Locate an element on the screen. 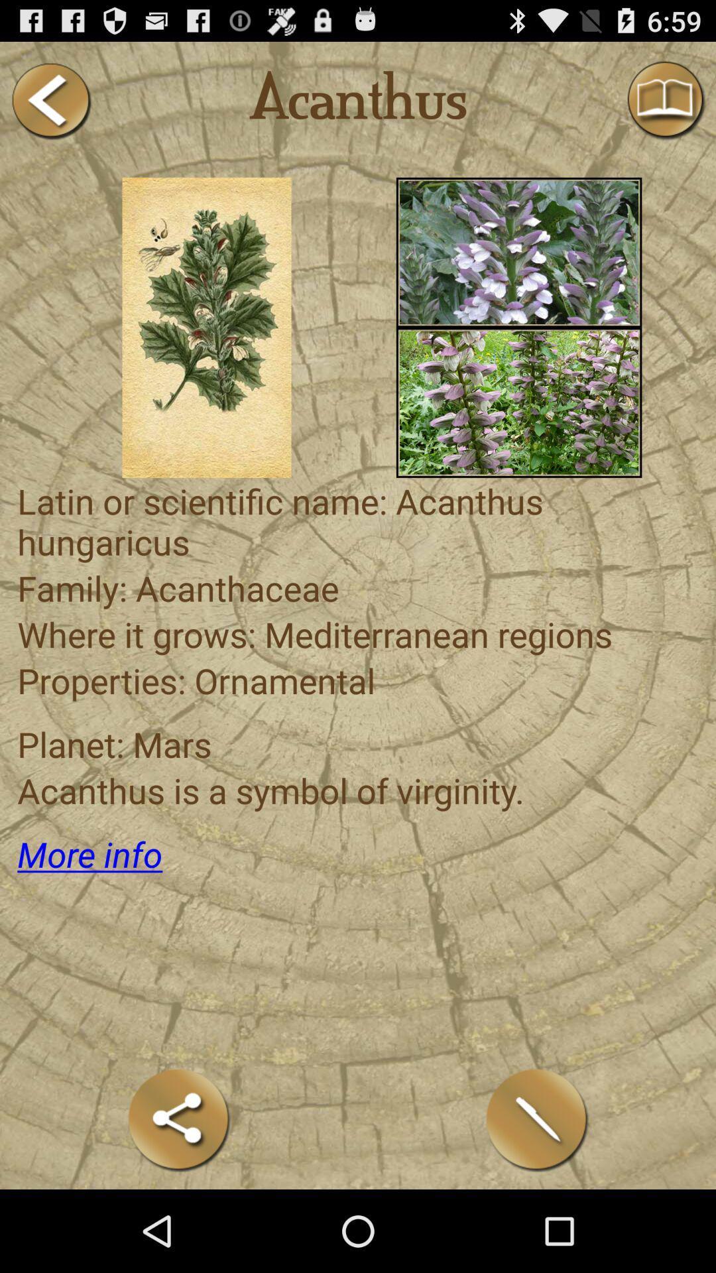 The width and height of the screenshot is (716, 1273). the arrow_backward icon is located at coordinates (50, 108).